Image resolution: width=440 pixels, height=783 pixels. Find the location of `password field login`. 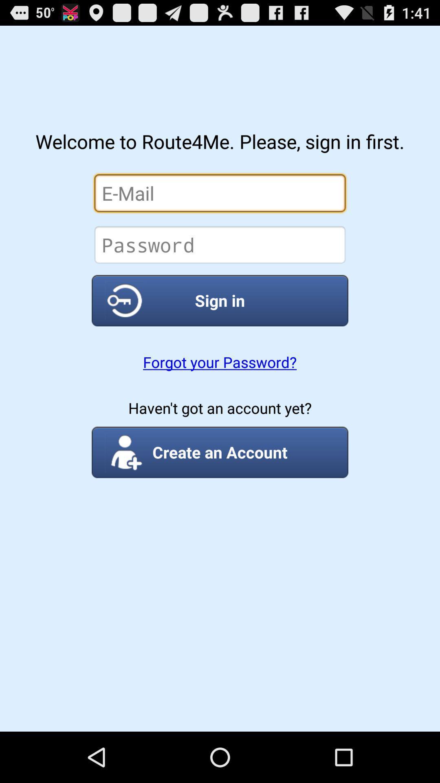

password field login is located at coordinates (220, 244).